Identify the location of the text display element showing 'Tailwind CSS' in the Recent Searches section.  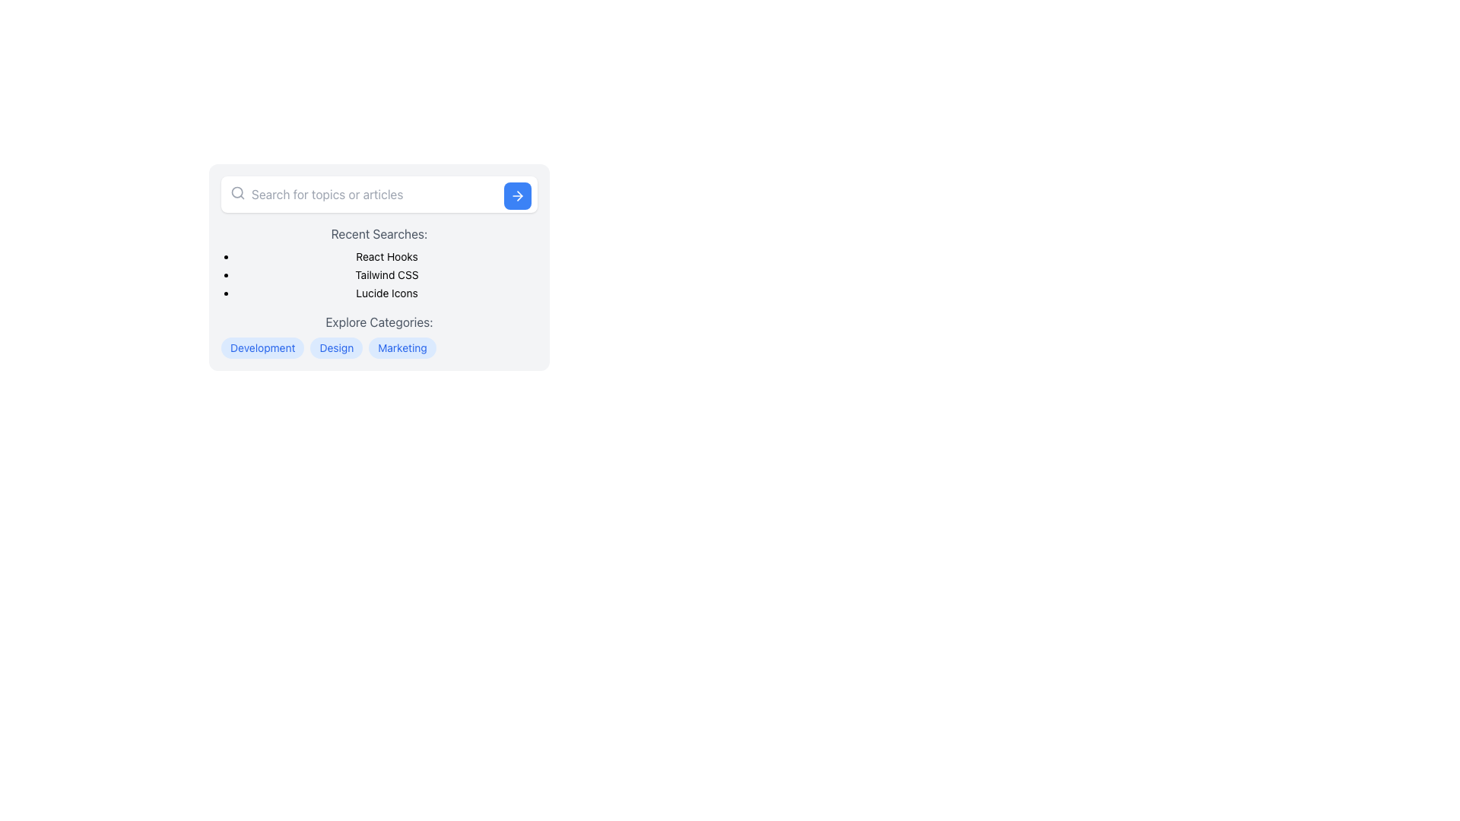
(386, 275).